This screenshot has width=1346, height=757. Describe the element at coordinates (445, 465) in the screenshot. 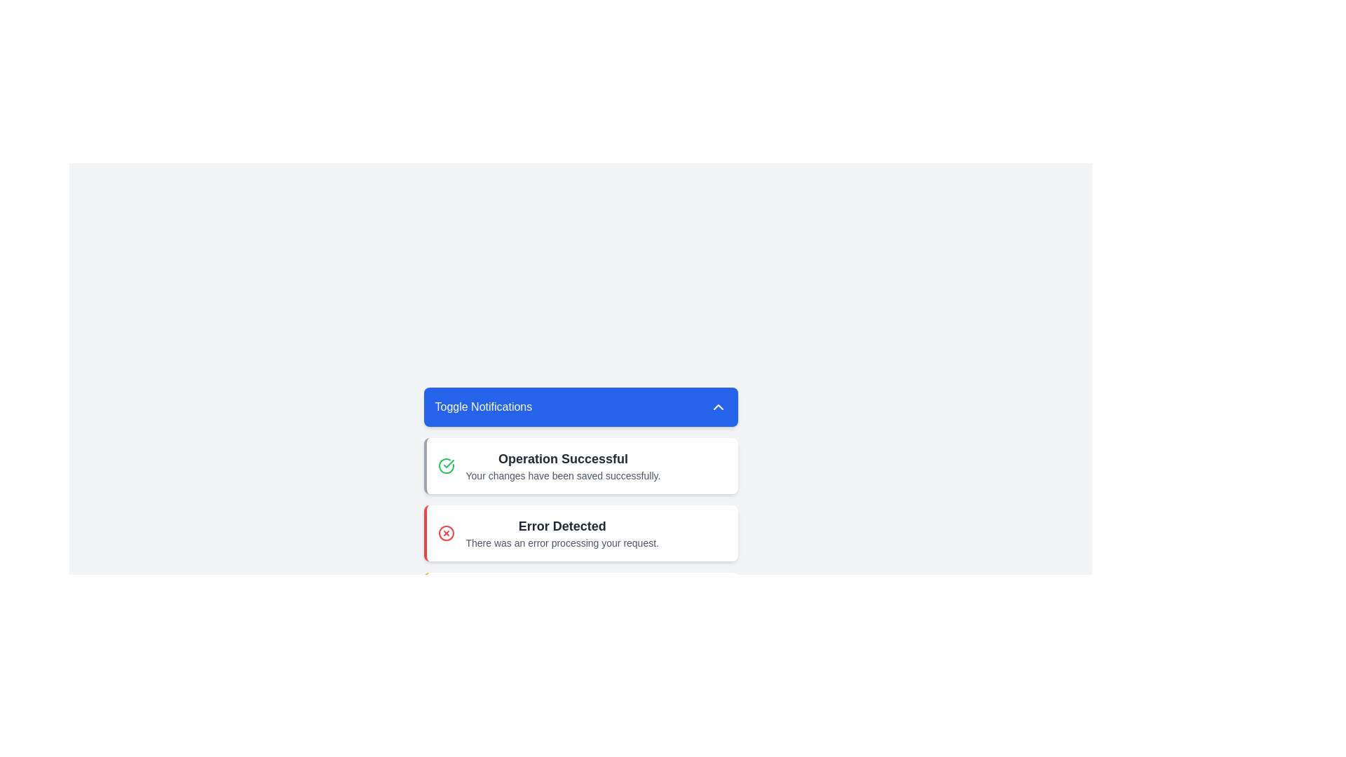

I see `the success indicator icon located at the top-left corner of the notification card, adjacent to the 'Operation Successful' text` at that location.